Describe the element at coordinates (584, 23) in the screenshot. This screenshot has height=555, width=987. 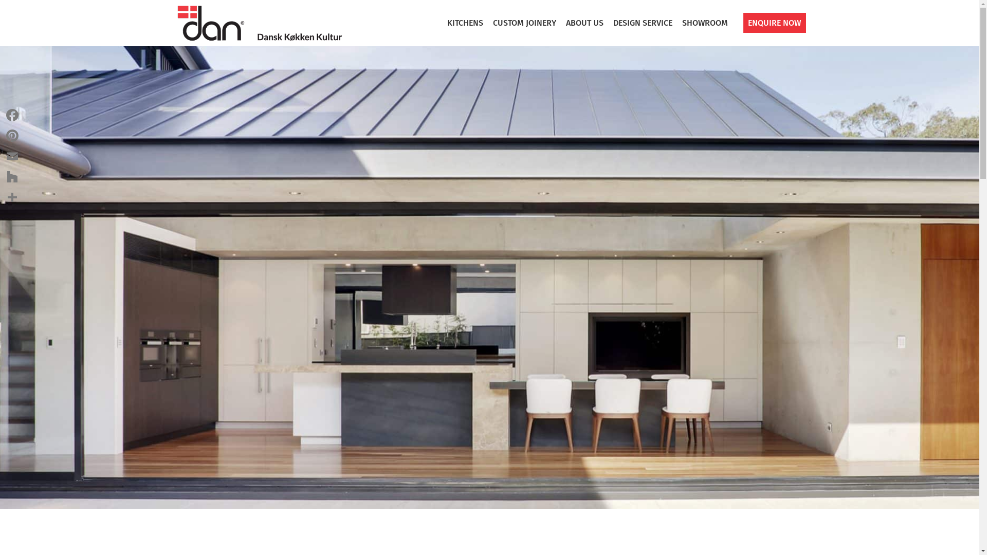
I see `'ABOUT US'` at that location.